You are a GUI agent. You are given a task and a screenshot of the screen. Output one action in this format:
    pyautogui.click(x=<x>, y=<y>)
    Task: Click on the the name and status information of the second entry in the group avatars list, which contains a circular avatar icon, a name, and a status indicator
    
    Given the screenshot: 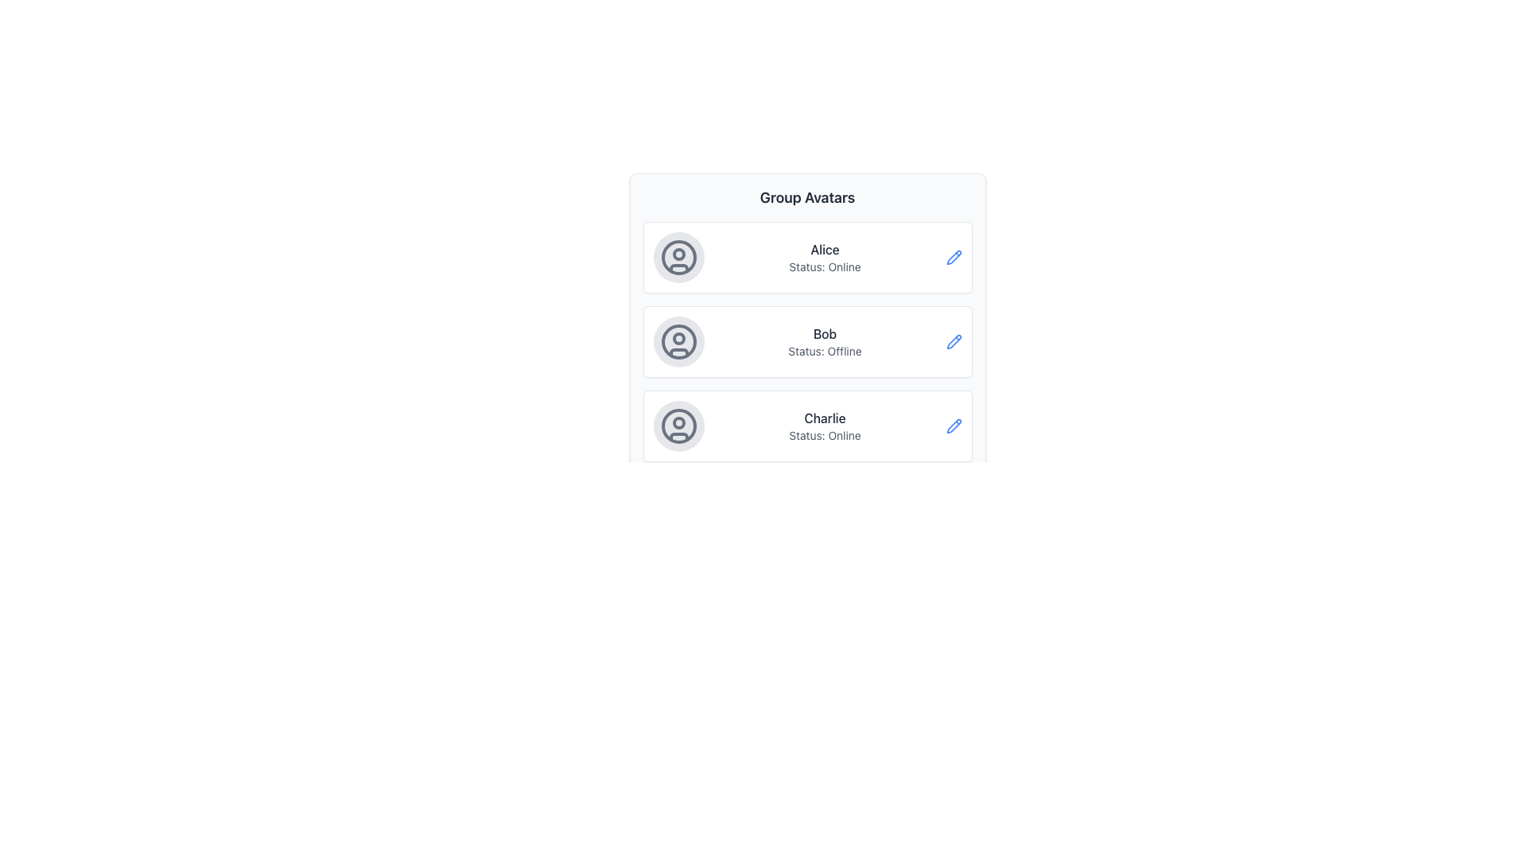 What is the action you would take?
    pyautogui.click(x=807, y=324)
    